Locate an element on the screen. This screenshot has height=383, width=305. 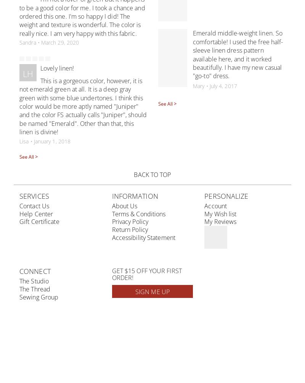
'Mary  • July 4, 2017' is located at coordinates (215, 85).